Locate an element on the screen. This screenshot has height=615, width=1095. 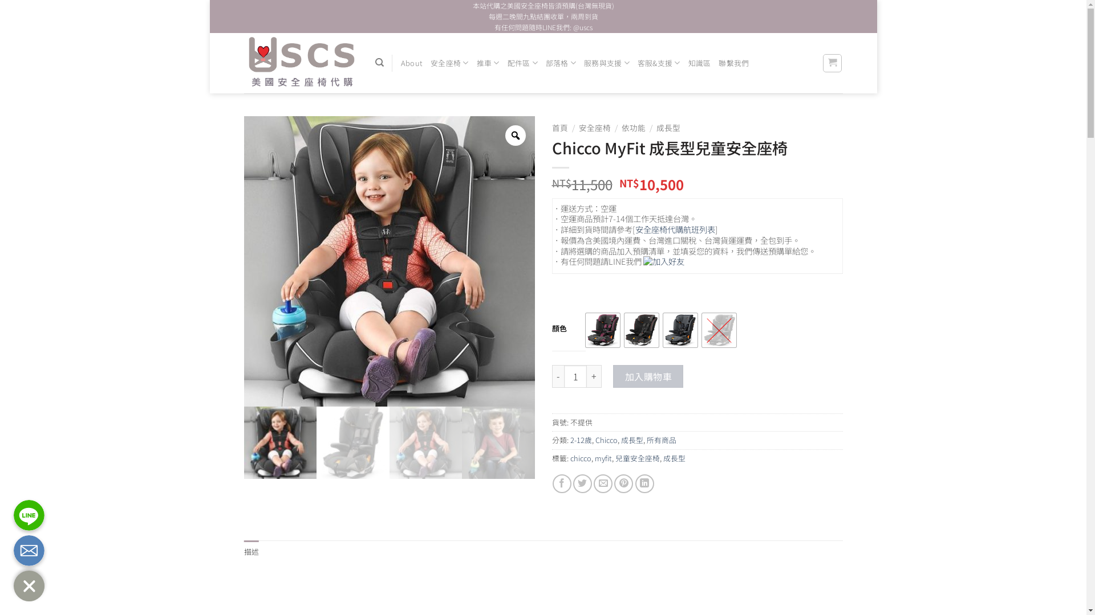
'A1Jal5+092L._SL1500_' is located at coordinates (424, 442).